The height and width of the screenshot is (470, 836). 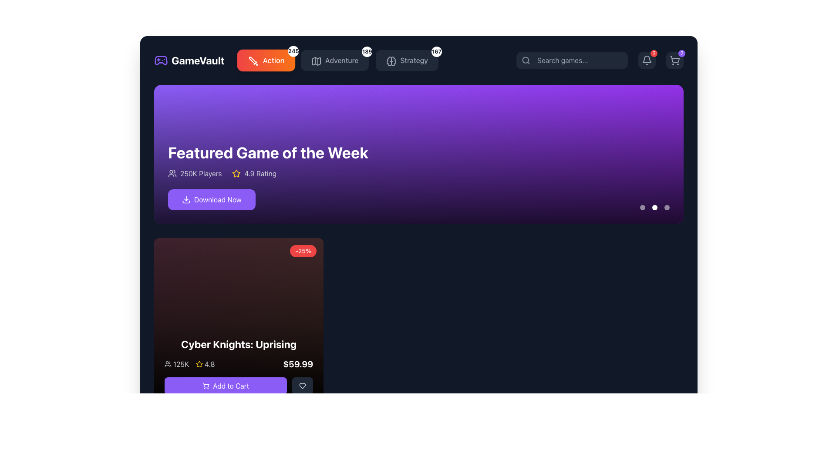 I want to click on the design of the small sword-shaped icon displayed in a minimalist line art style, located inside the Action category button near the top navigation bar, so click(x=253, y=61).